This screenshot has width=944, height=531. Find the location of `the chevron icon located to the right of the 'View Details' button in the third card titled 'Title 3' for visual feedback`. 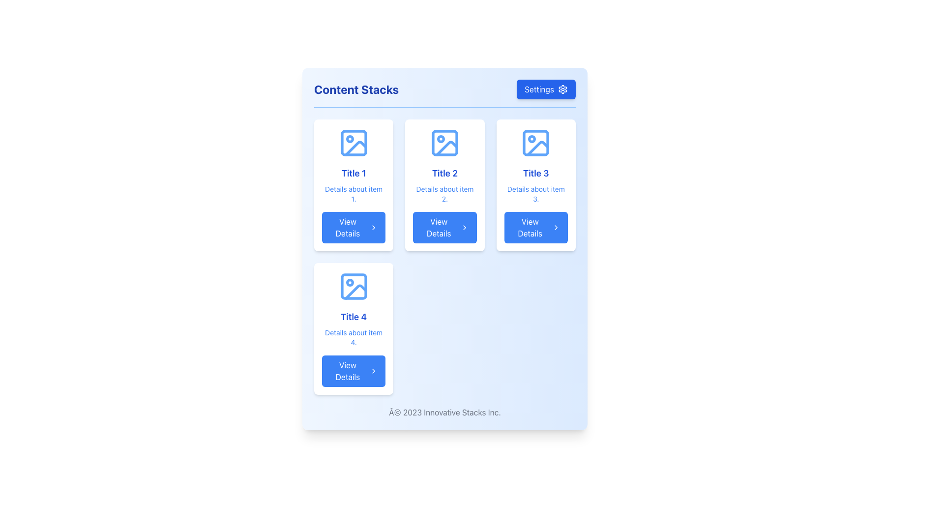

the chevron icon located to the right of the 'View Details' button in the third card titled 'Title 3' for visual feedback is located at coordinates (556, 227).